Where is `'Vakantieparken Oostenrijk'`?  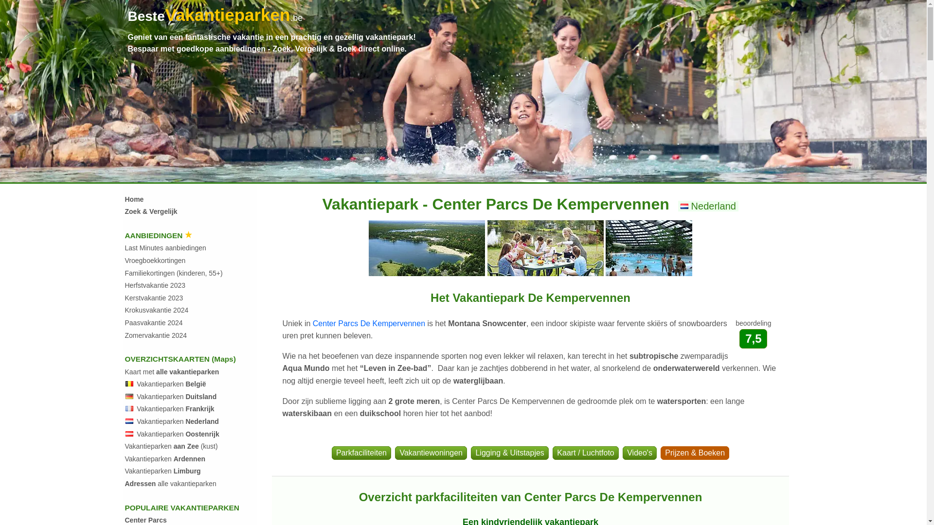
'Vakantieparken Oostenrijk' is located at coordinates (178, 434).